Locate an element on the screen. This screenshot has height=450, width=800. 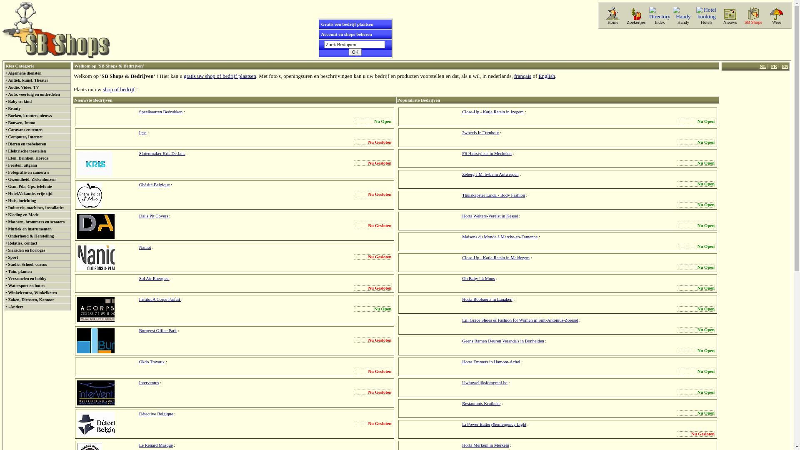
'NL' is located at coordinates (760, 65).